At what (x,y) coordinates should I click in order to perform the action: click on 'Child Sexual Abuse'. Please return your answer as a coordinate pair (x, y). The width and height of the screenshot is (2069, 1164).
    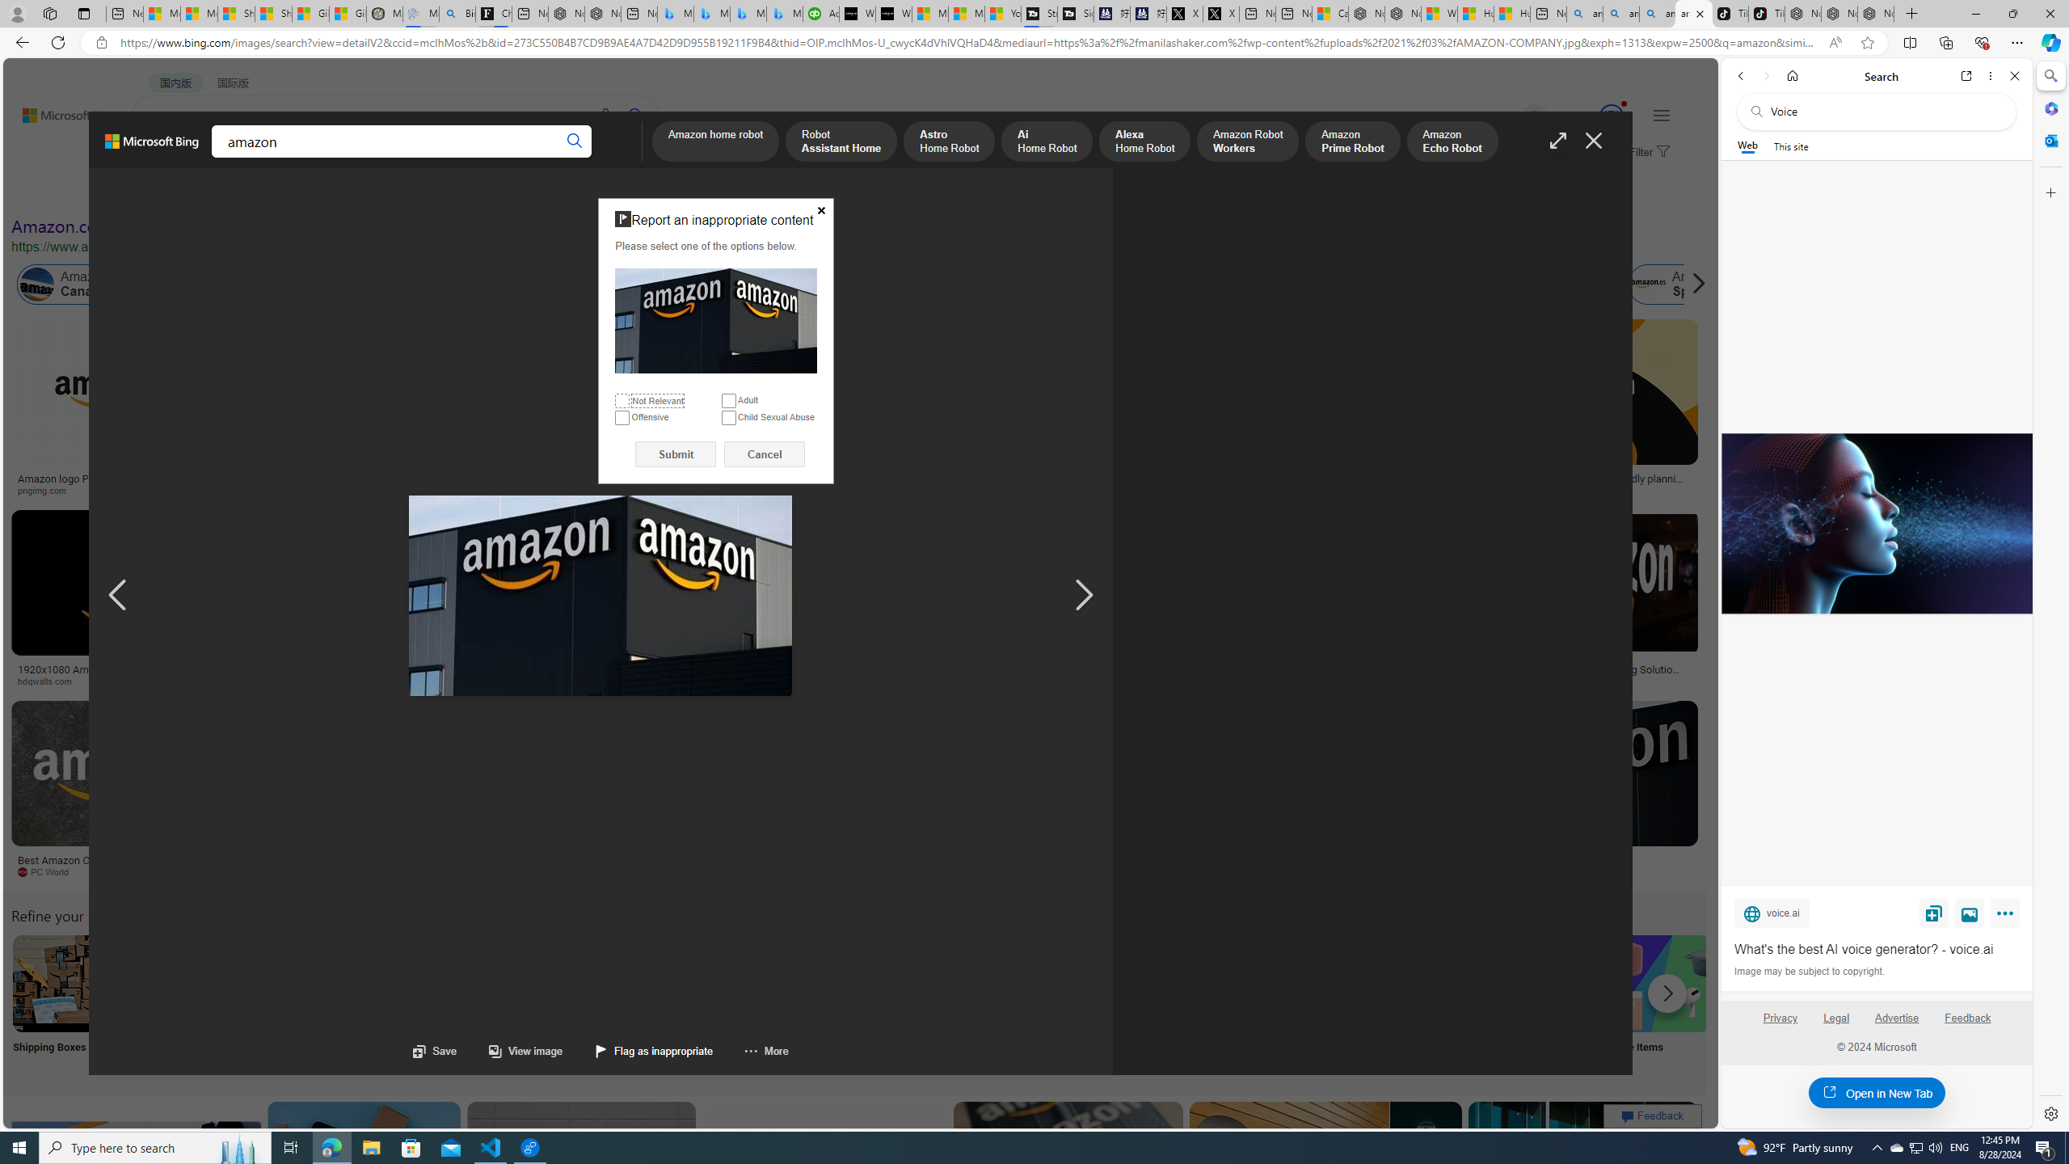
    Looking at the image, I should click on (727, 417).